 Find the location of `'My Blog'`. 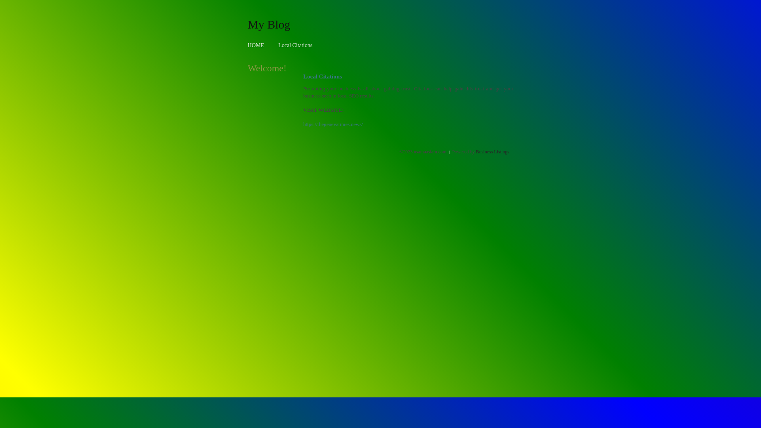

'My Blog' is located at coordinates (269, 24).